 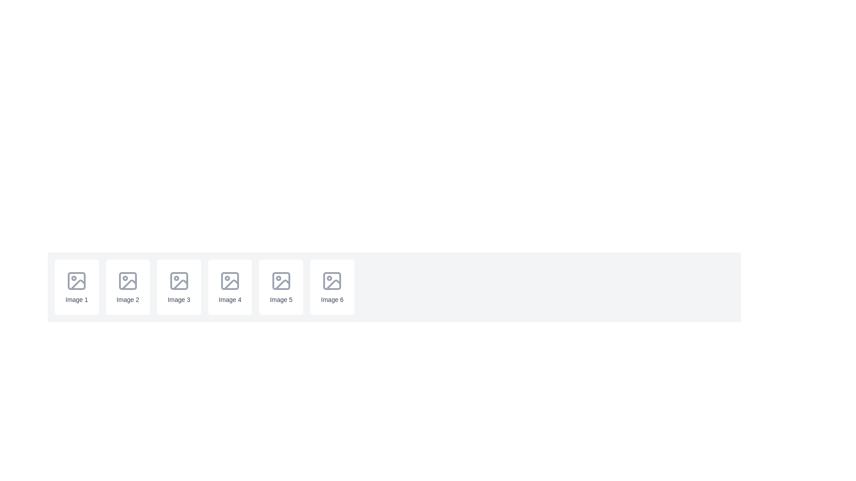 What do you see at coordinates (127, 281) in the screenshot?
I see `the second rectangular image placeholder in the horizontal list of image placeholders, which is part of an SVG icon` at bounding box center [127, 281].